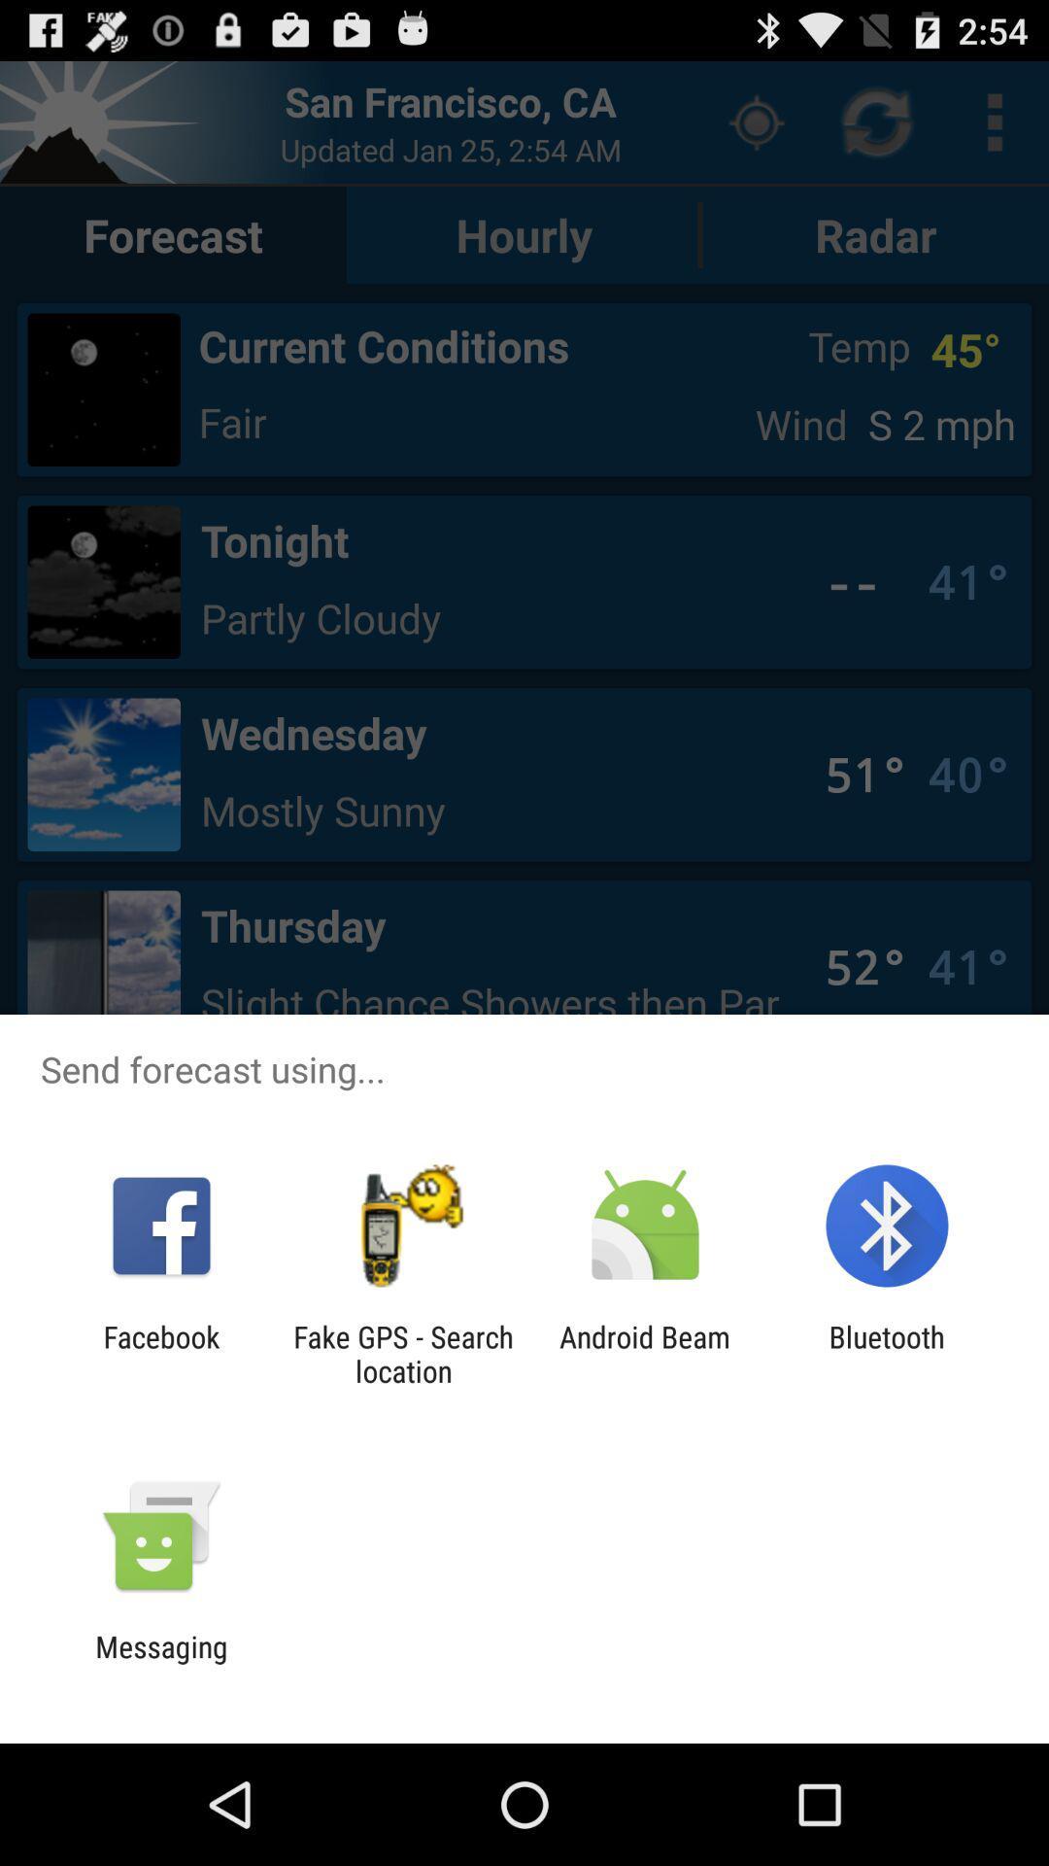  I want to click on android beam, so click(645, 1353).